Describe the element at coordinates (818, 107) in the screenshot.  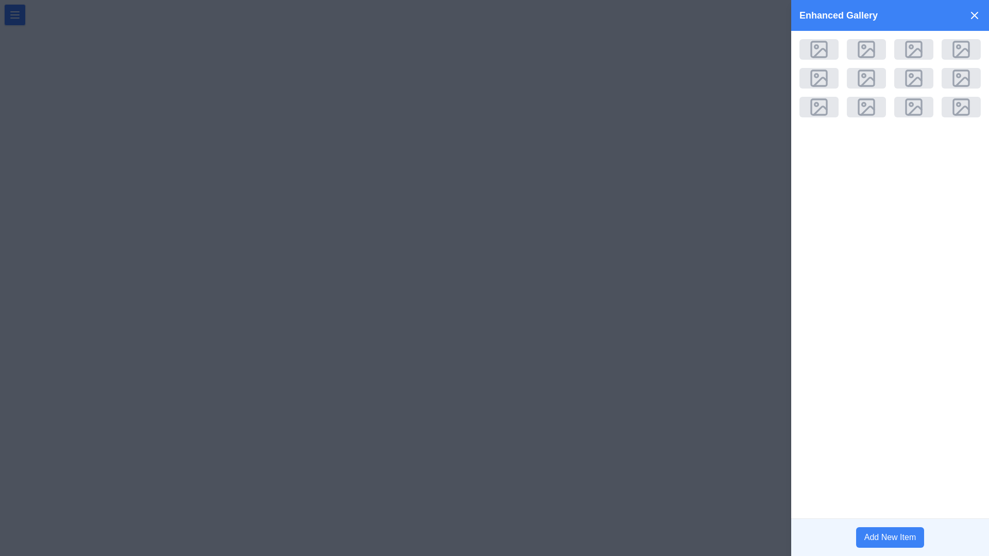
I see `the light gray rounded rectangle icon element` at that location.